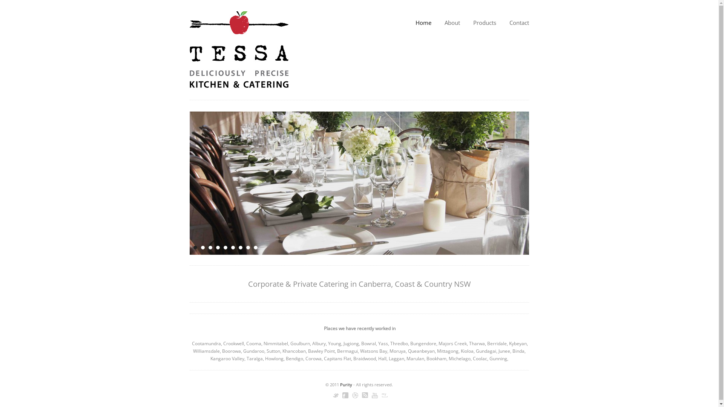  Describe the element at coordinates (415, 22) in the screenshot. I see `'Home'` at that location.